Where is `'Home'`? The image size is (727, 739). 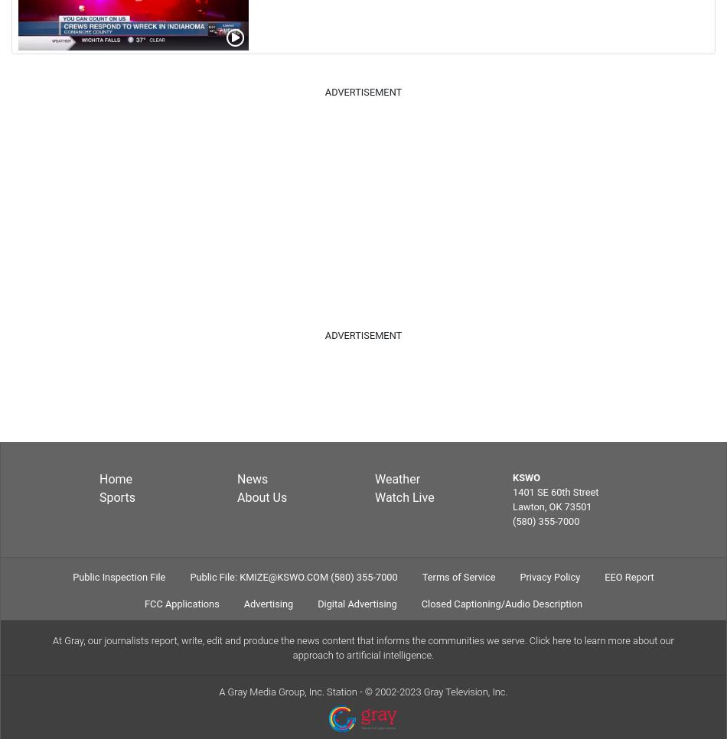 'Home' is located at coordinates (99, 477).